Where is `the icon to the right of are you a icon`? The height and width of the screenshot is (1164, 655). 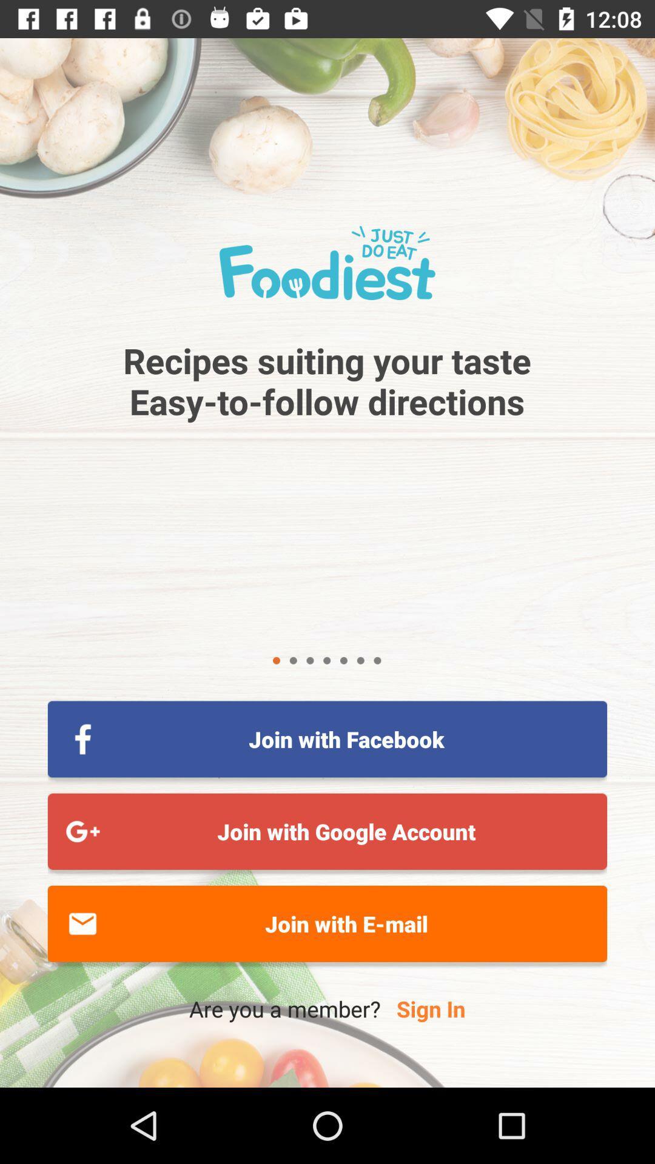
the icon to the right of are you a icon is located at coordinates (430, 1009).